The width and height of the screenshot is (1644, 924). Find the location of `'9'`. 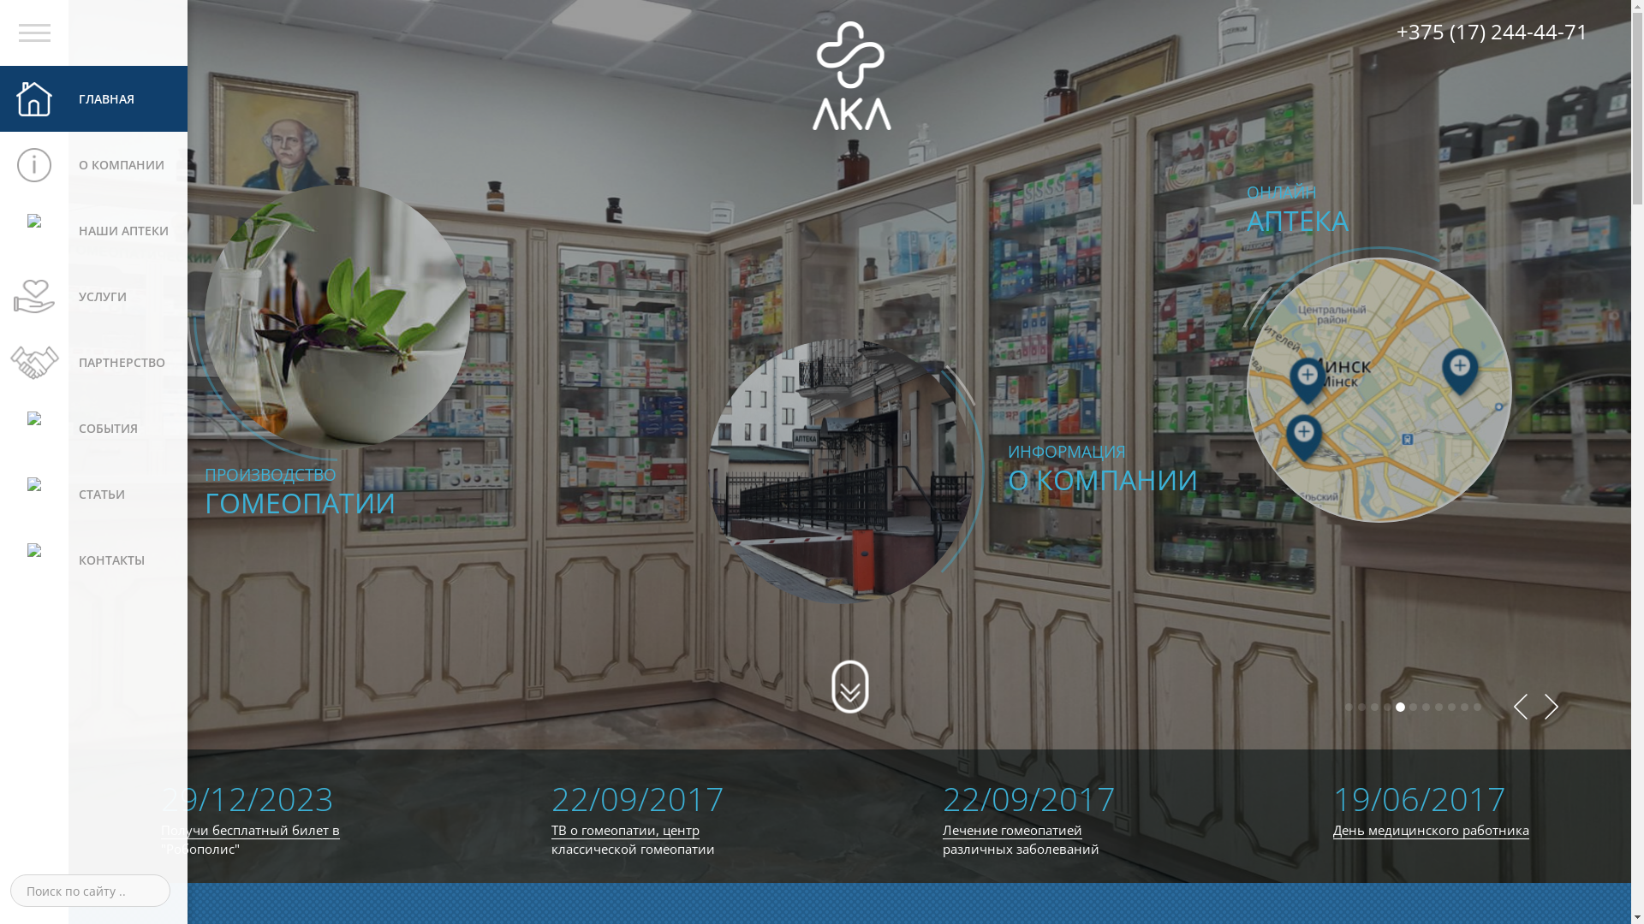

'9' is located at coordinates (1450, 707).